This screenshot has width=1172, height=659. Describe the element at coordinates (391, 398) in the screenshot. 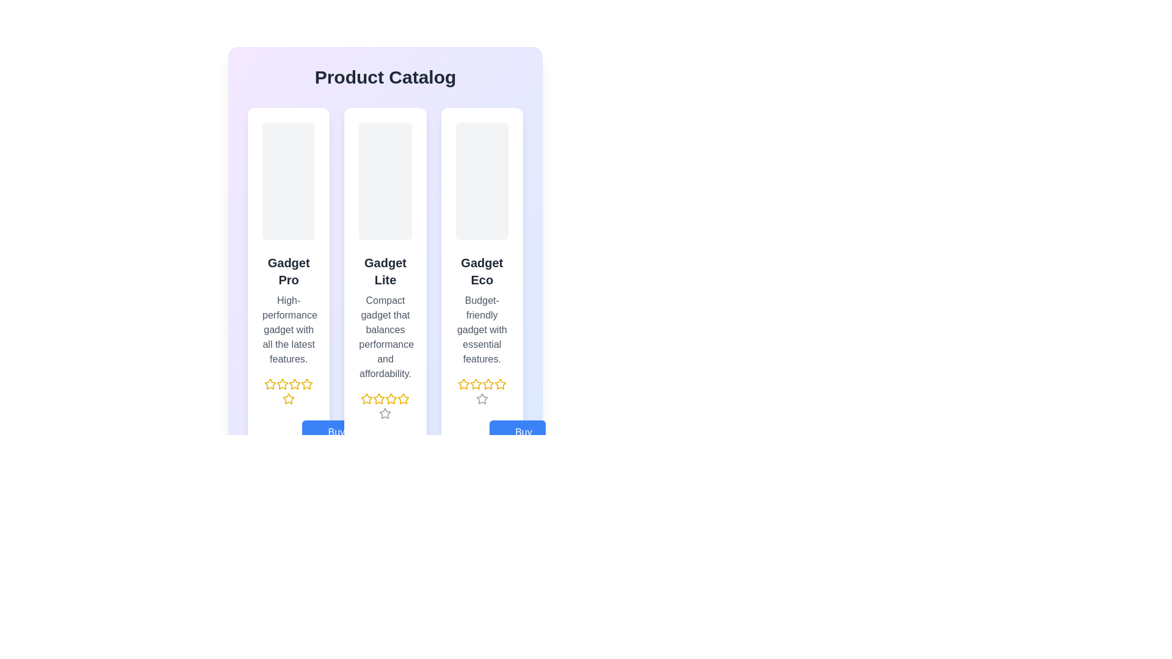

I see `the fourth star icon` at that location.